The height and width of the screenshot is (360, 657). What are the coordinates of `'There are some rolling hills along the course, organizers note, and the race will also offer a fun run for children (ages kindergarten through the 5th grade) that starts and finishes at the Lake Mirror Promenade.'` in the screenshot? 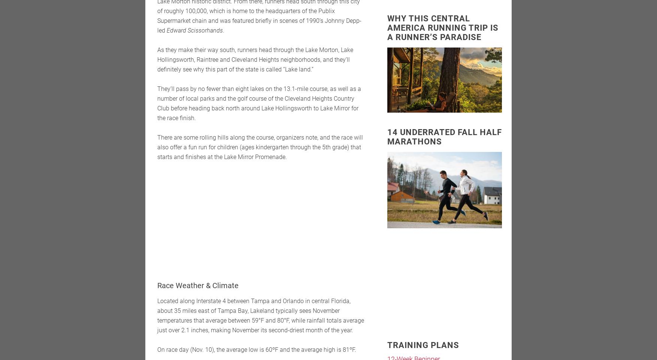 It's located at (260, 147).